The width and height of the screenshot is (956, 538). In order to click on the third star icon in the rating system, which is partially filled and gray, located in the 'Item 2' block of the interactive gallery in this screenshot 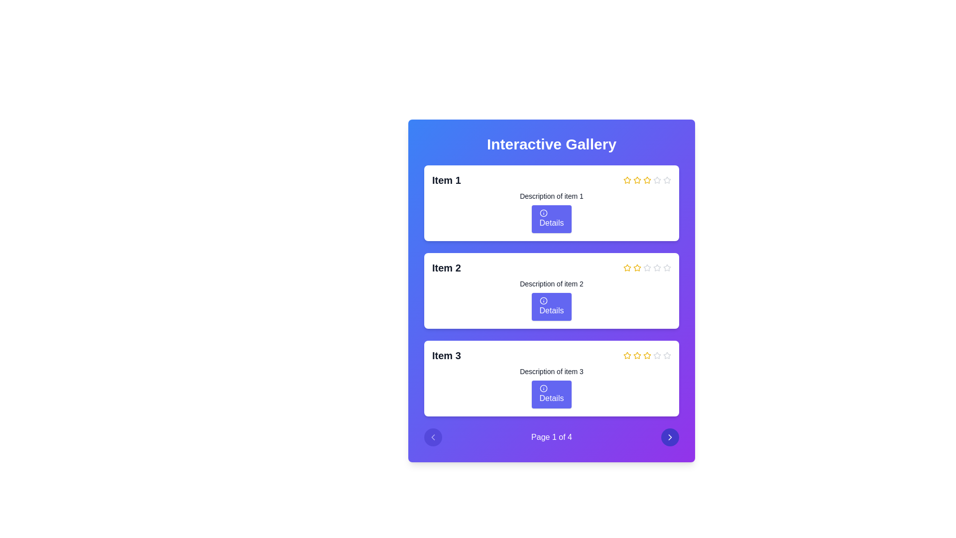, I will do `click(647, 267)`.